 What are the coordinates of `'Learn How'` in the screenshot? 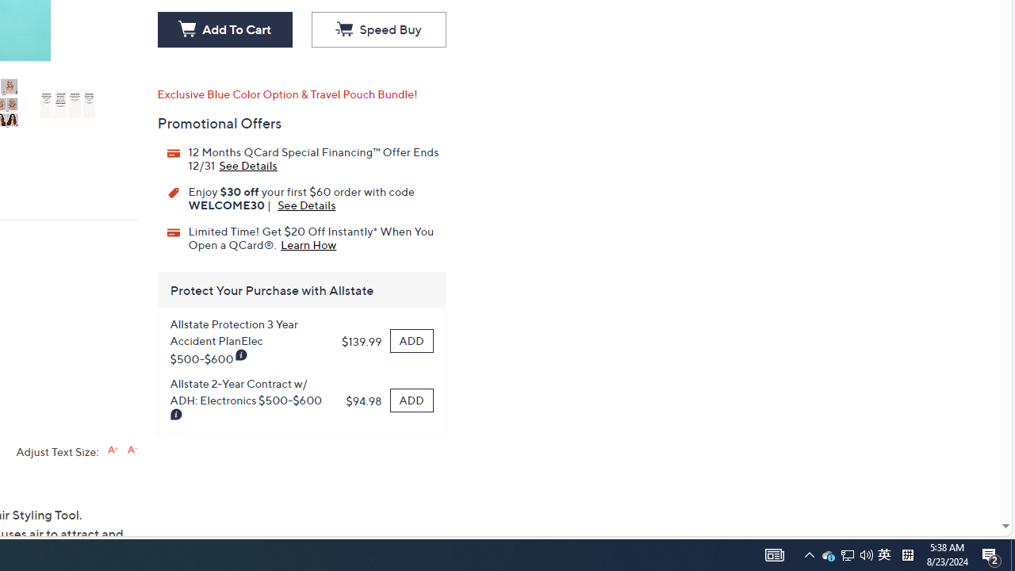 It's located at (308, 243).